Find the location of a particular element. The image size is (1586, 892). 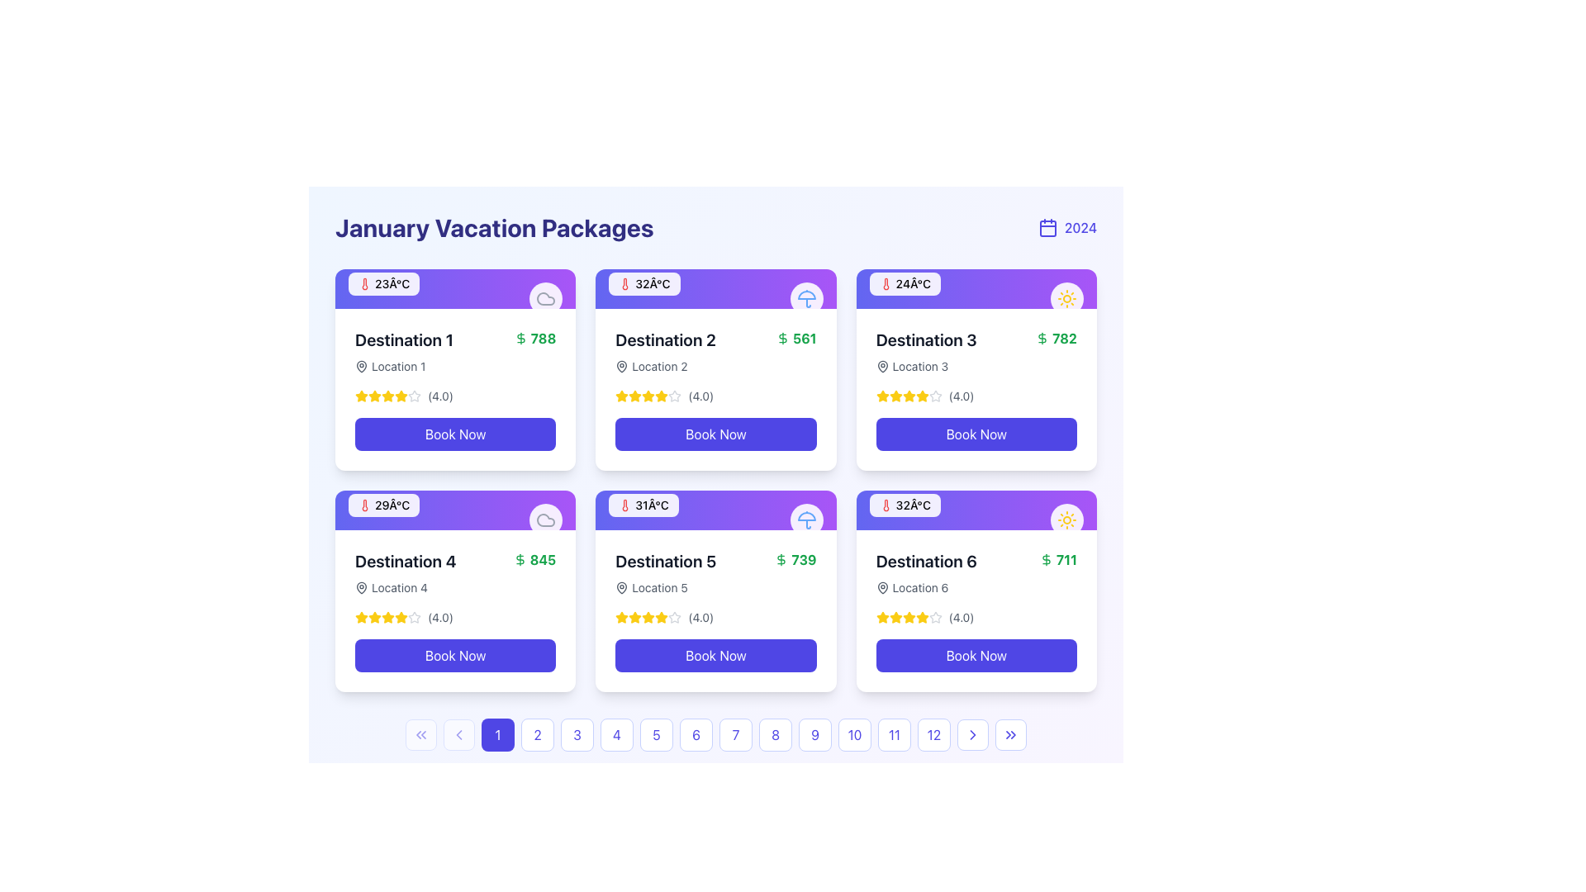

the 'Book Now' button on the Information card displaying details for 'Destination 6', located in the lower-right corner of the grid layout is located at coordinates (976, 611).